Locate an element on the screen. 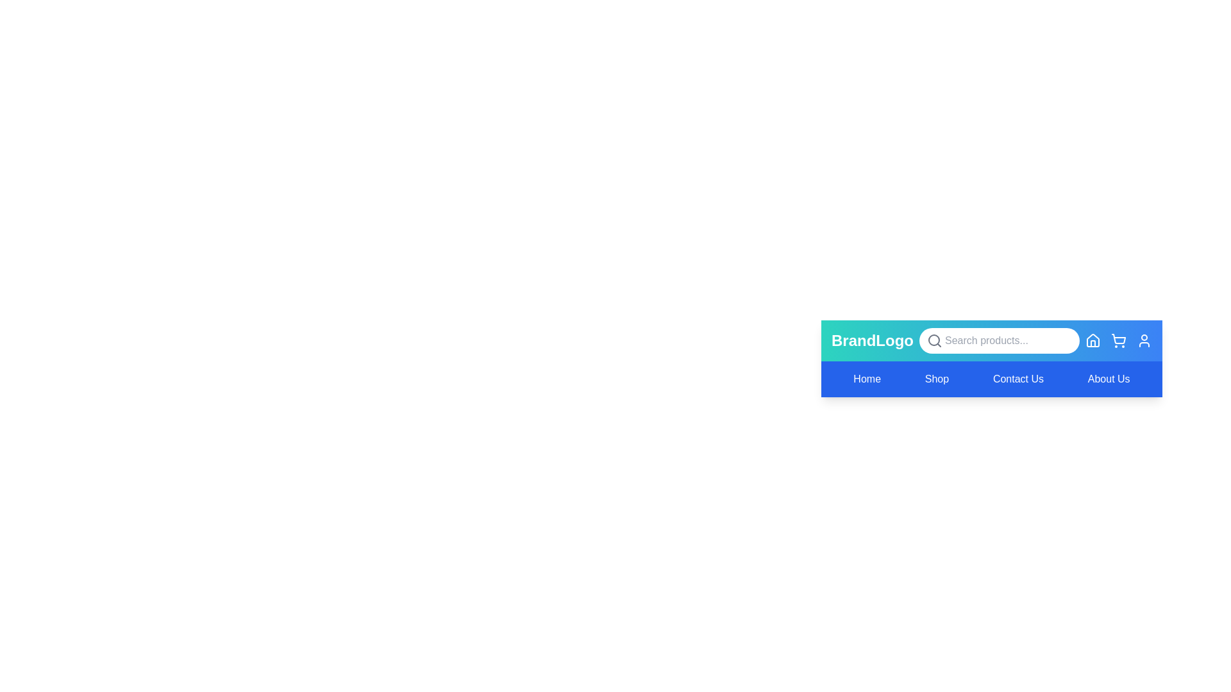 The height and width of the screenshot is (692, 1231). the search input field and type 'example query' is located at coordinates (998, 340).